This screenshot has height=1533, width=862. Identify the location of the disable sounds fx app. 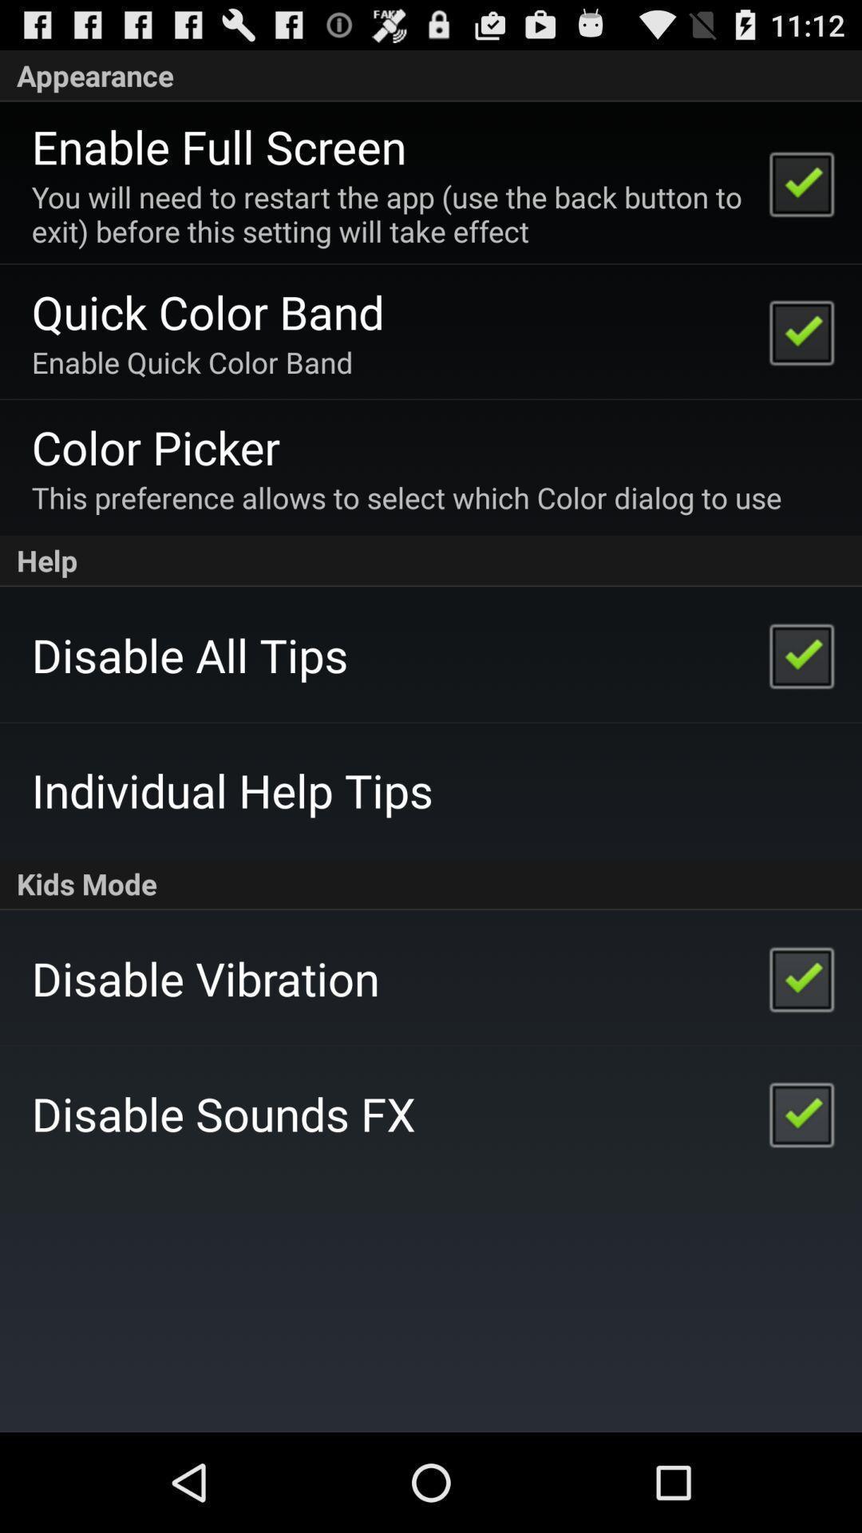
(223, 1112).